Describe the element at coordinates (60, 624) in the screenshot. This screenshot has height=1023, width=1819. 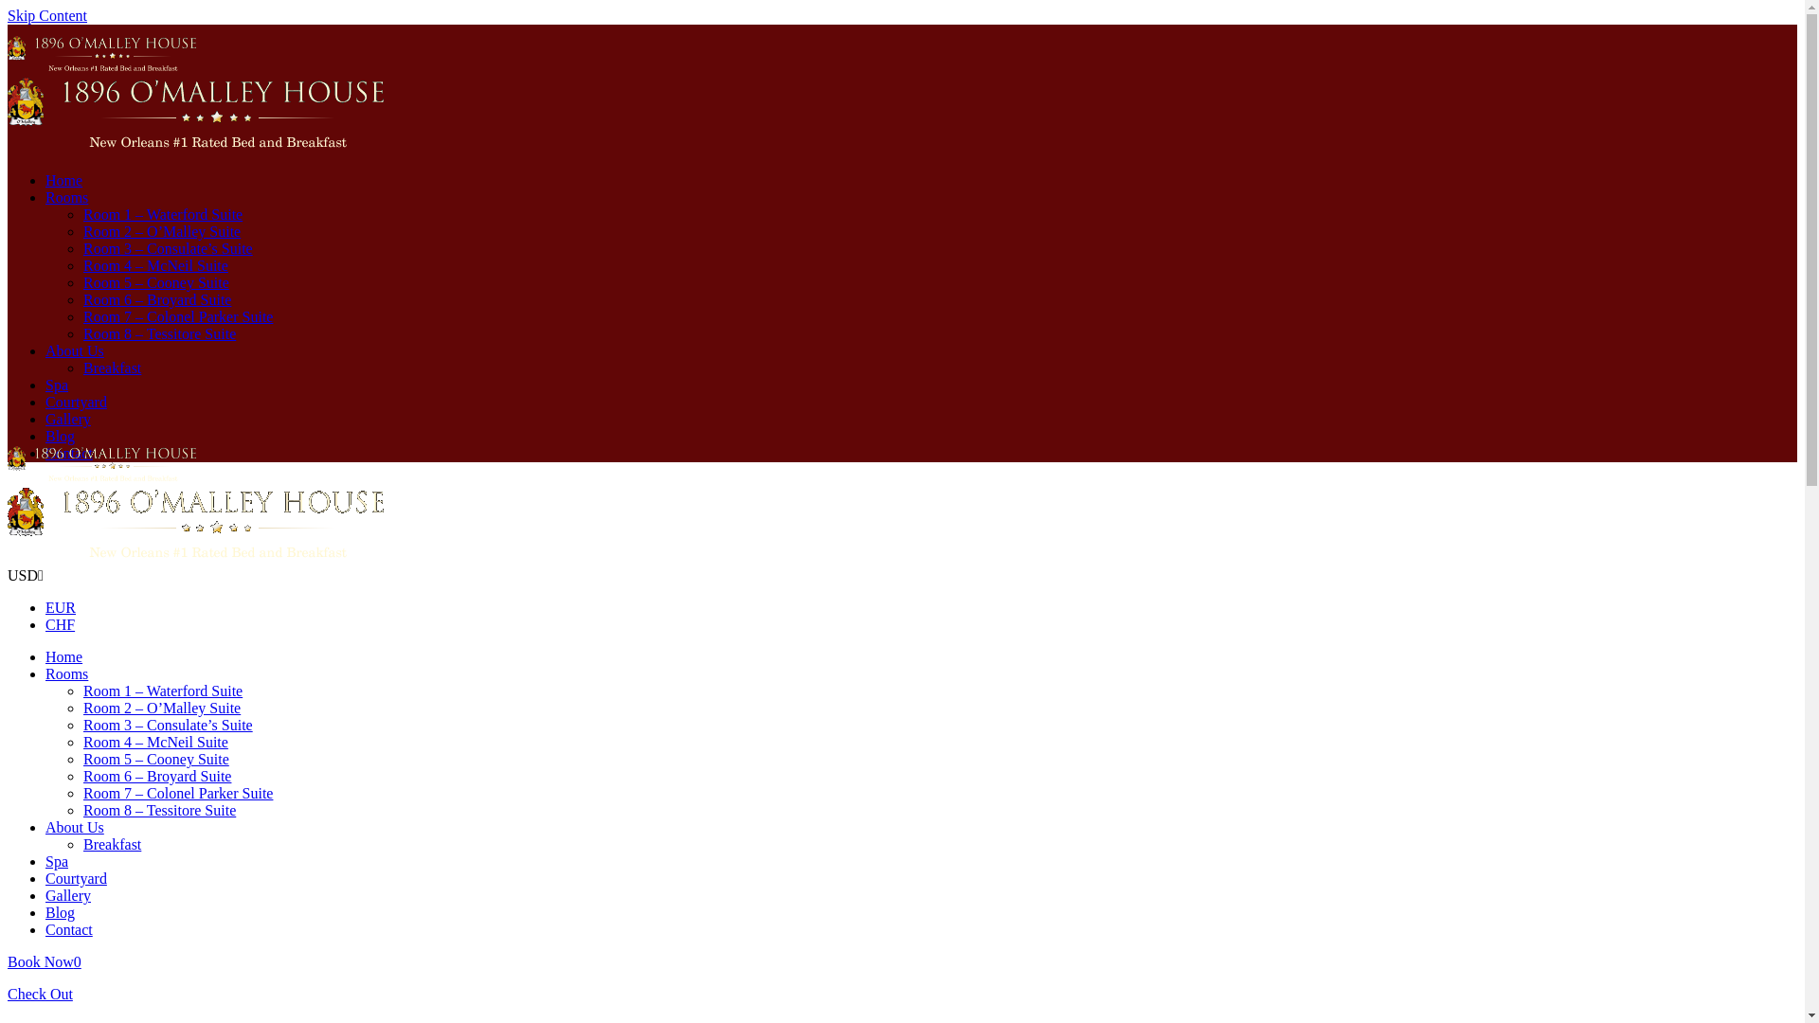
I see `'CHF'` at that location.